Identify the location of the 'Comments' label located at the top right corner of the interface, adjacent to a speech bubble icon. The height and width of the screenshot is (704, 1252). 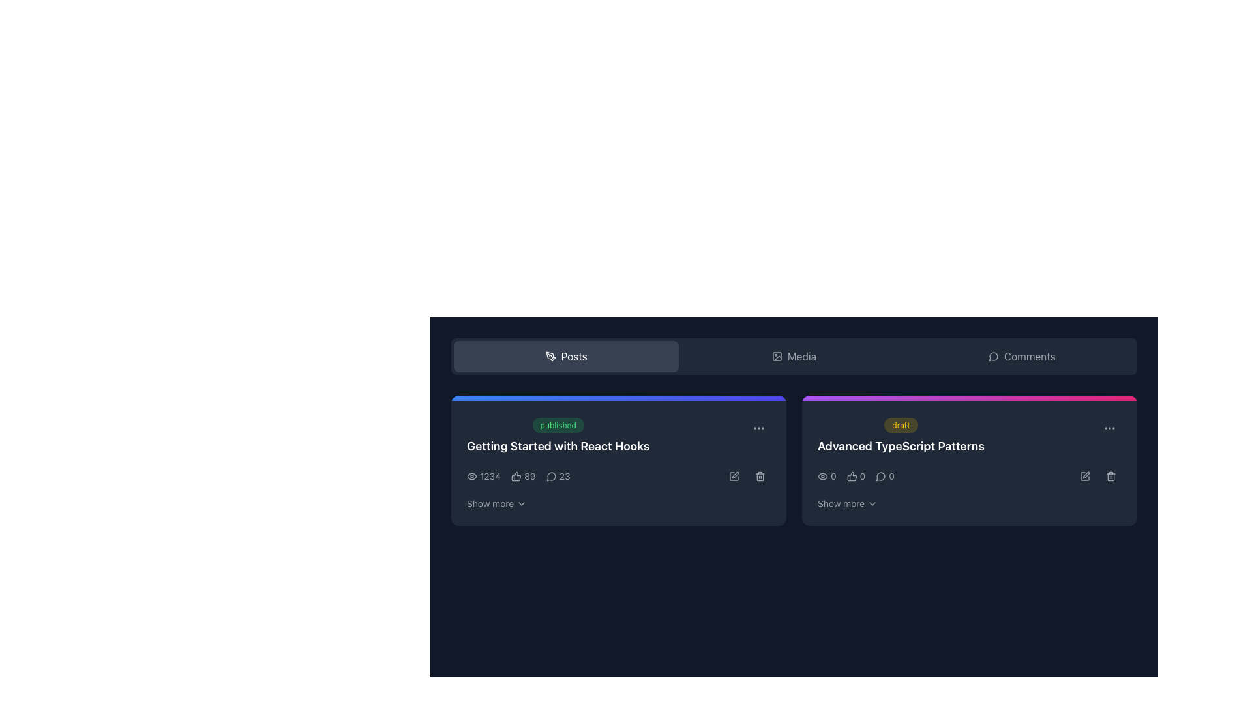
(1029, 357).